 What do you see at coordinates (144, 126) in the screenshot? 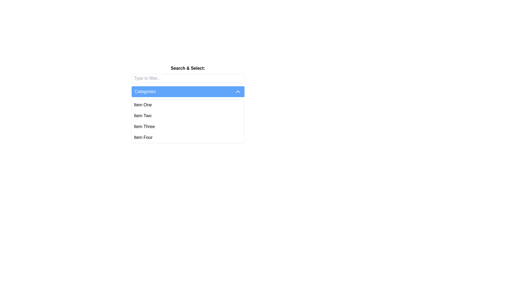
I see `the text entry labeled 'Item Three' which is displayed in black font on a white background, located under the 'Categories' header` at bounding box center [144, 126].